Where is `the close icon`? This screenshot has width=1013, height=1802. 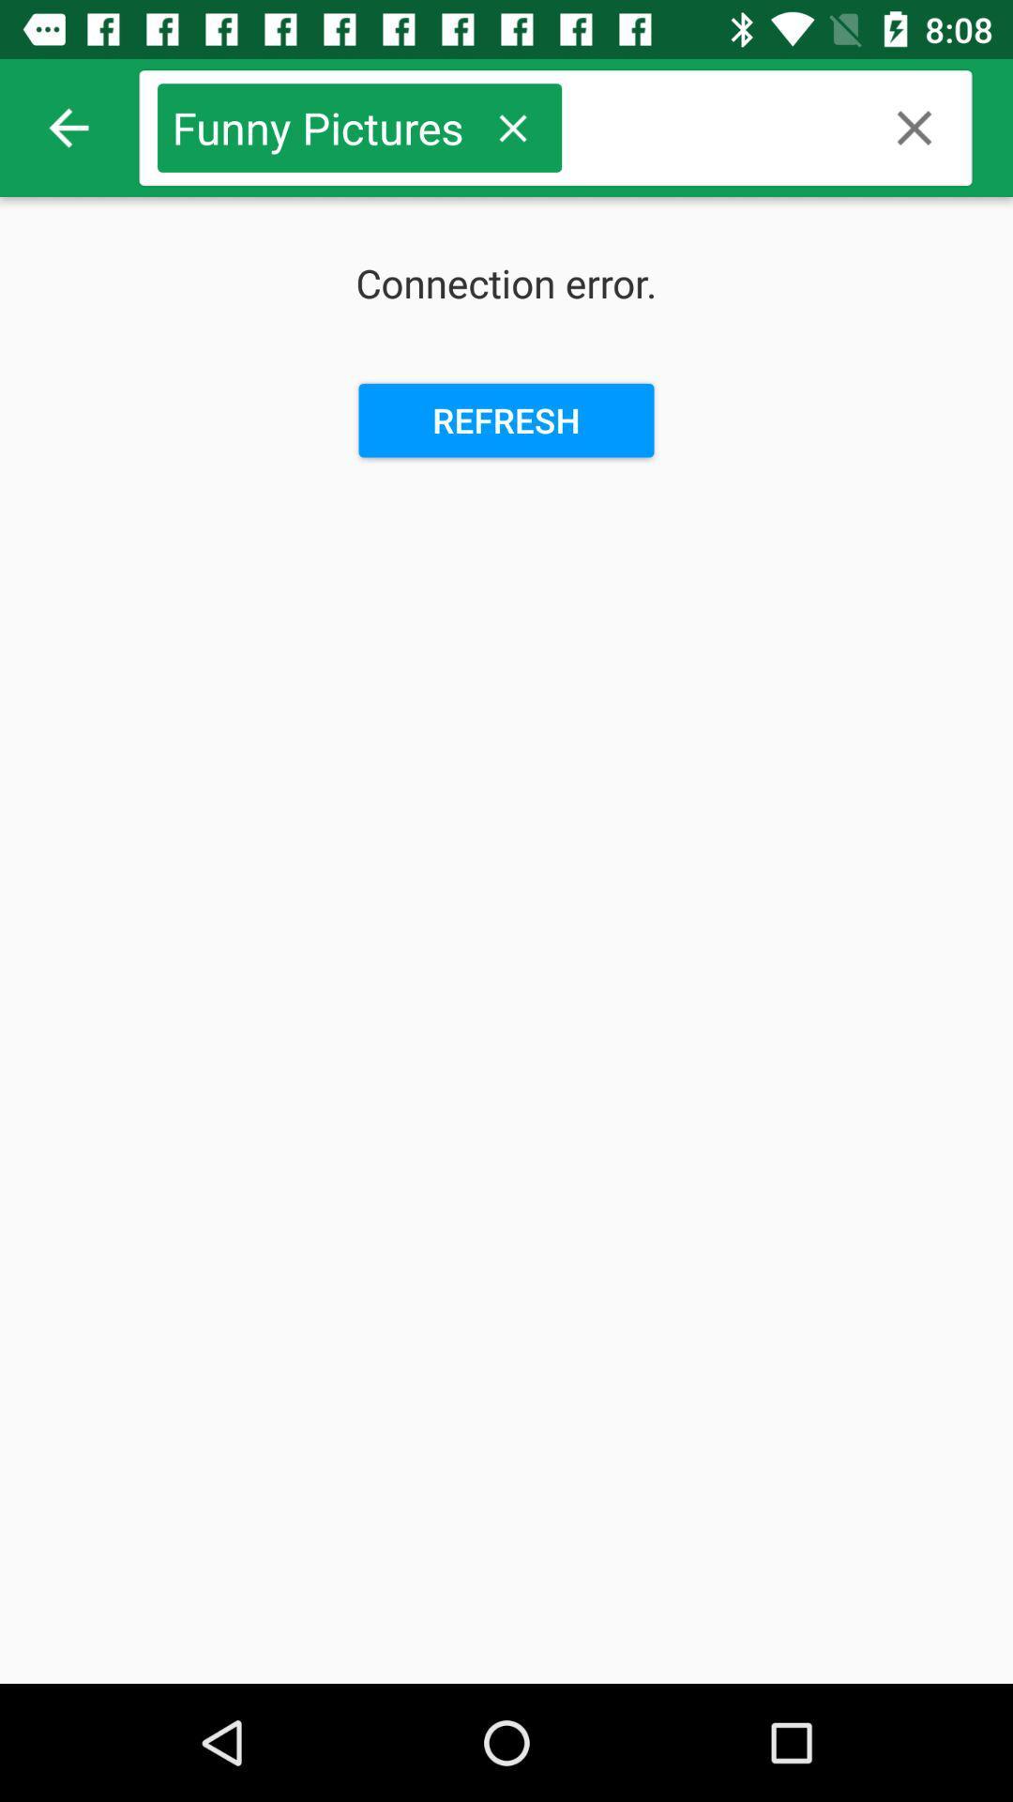
the close icon is located at coordinates (512, 127).